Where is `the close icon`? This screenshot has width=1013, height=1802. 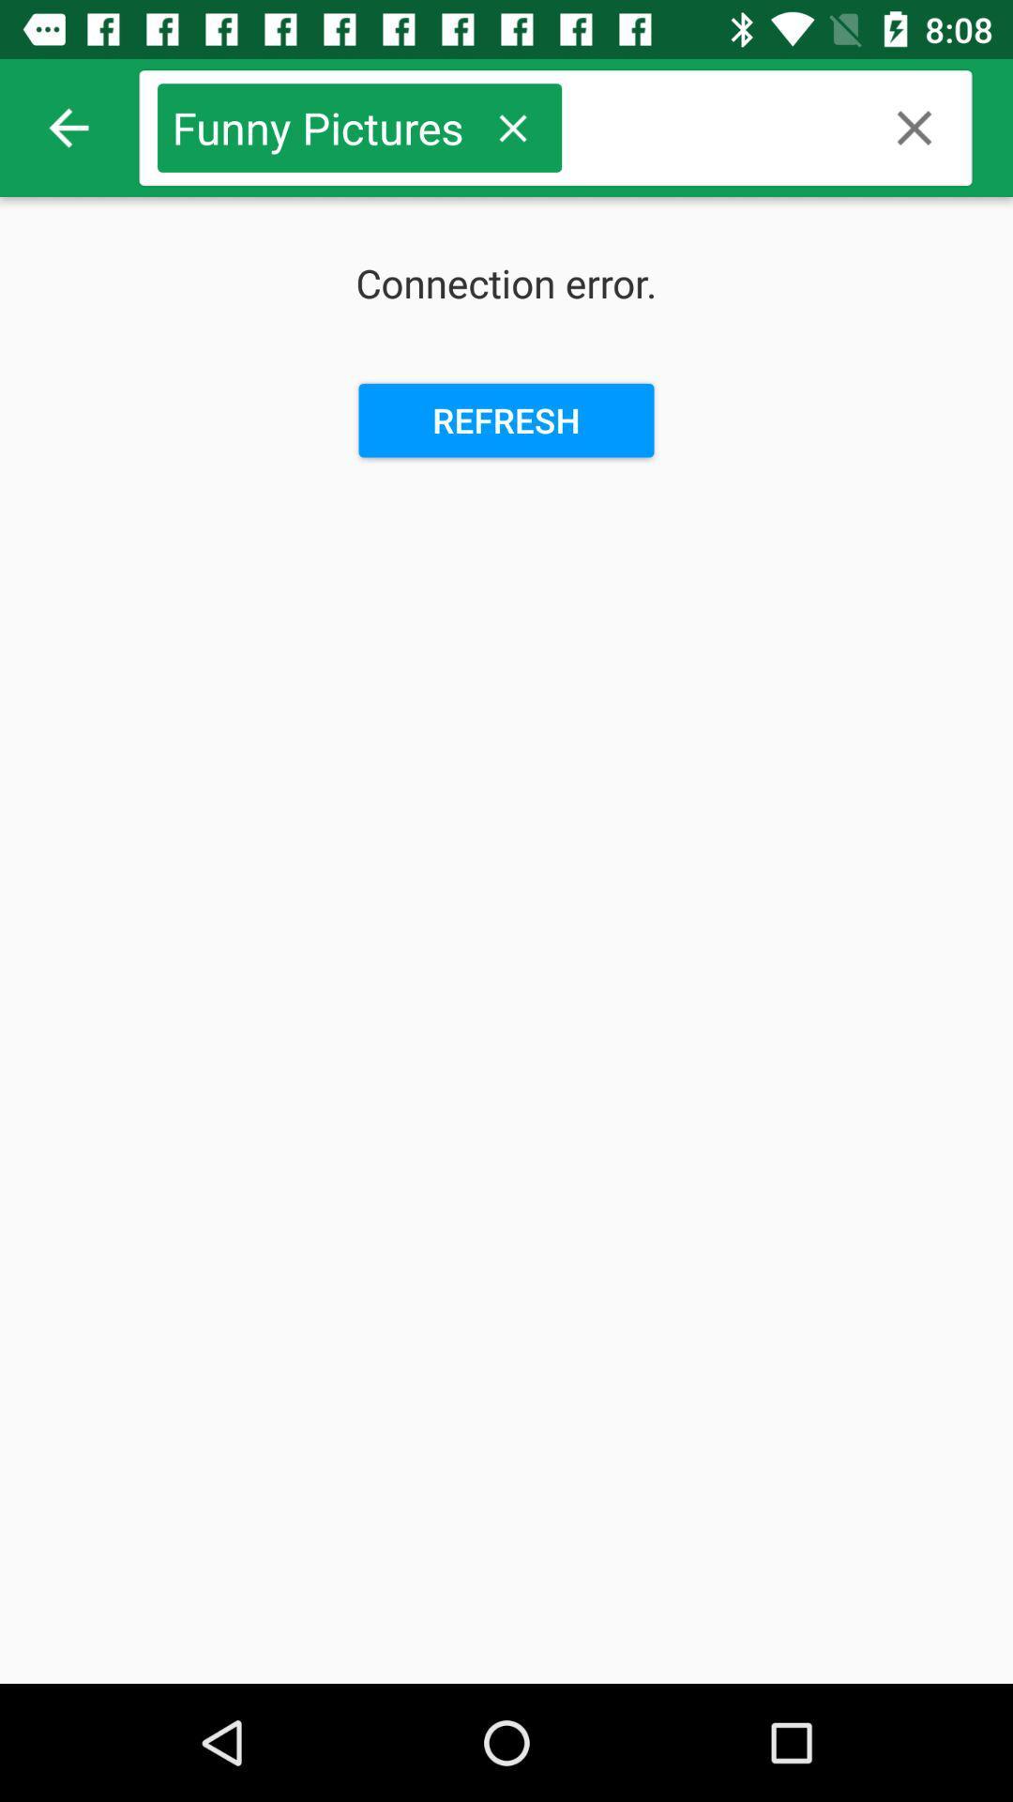
the close icon is located at coordinates (512, 127).